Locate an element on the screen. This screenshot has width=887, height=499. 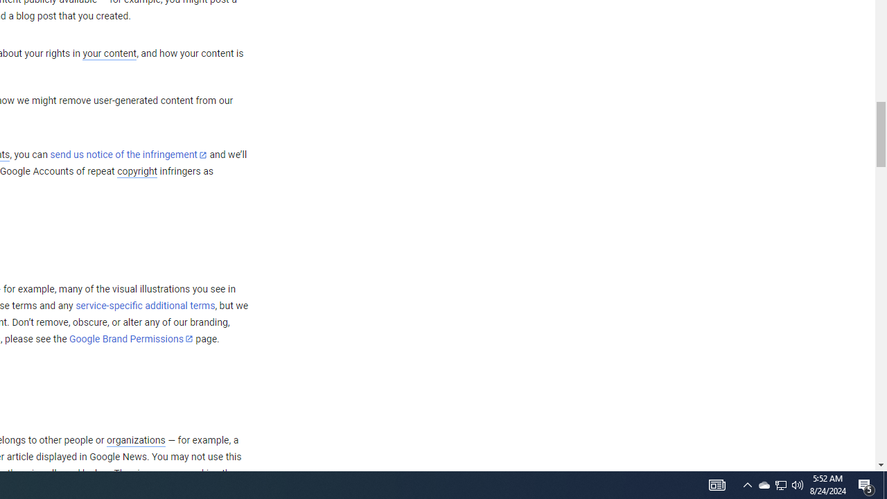
'service-specific additional terms' is located at coordinates (145, 305).